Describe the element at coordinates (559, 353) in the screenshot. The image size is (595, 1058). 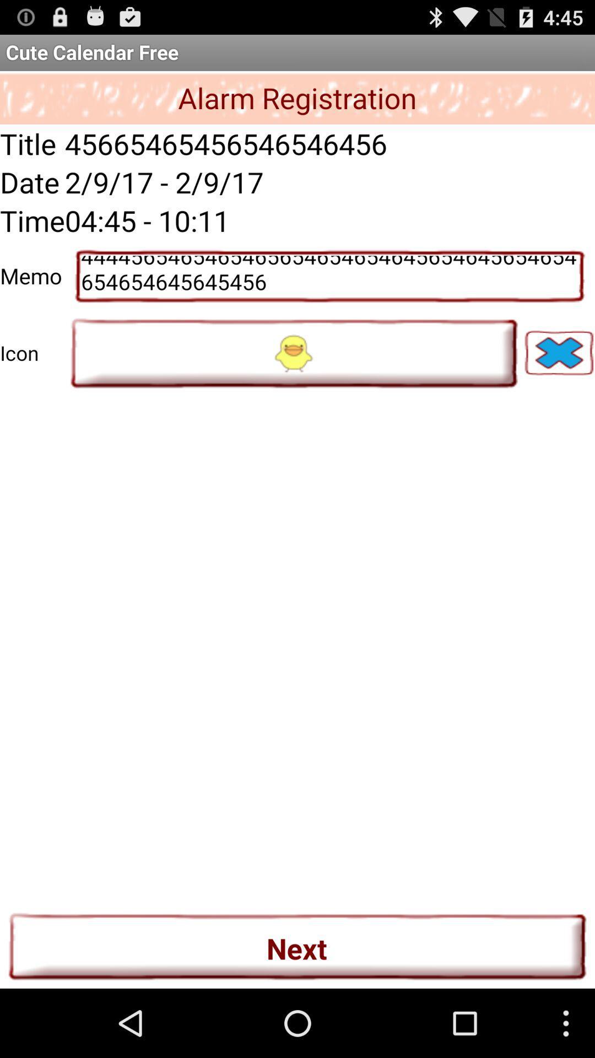
I see `cancel` at that location.